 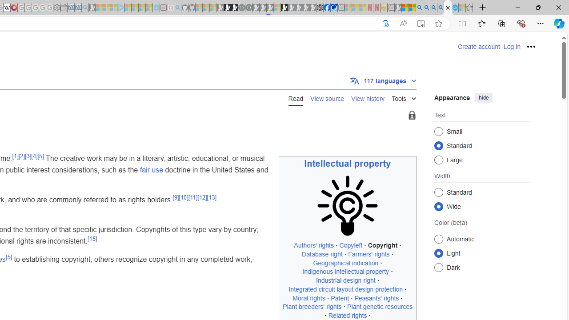 What do you see at coordinates (321, 254) in the screenshot?
I see `'Database right'` at bounding box center [321, 254].